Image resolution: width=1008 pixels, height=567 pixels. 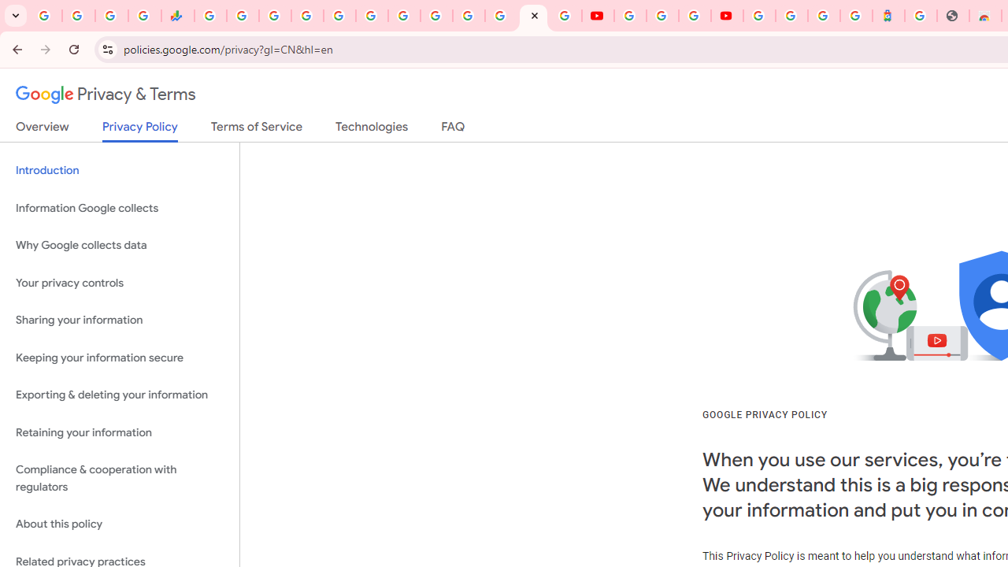 What do you see at coordinates (597, 16) in the screenshot?
I see `'YouTube'` at bounding box center [597, 16].